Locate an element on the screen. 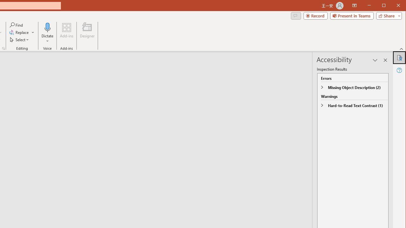 This screenshot has width=406, height=228. 'Accessibility' is located at coordinates (399, 58).